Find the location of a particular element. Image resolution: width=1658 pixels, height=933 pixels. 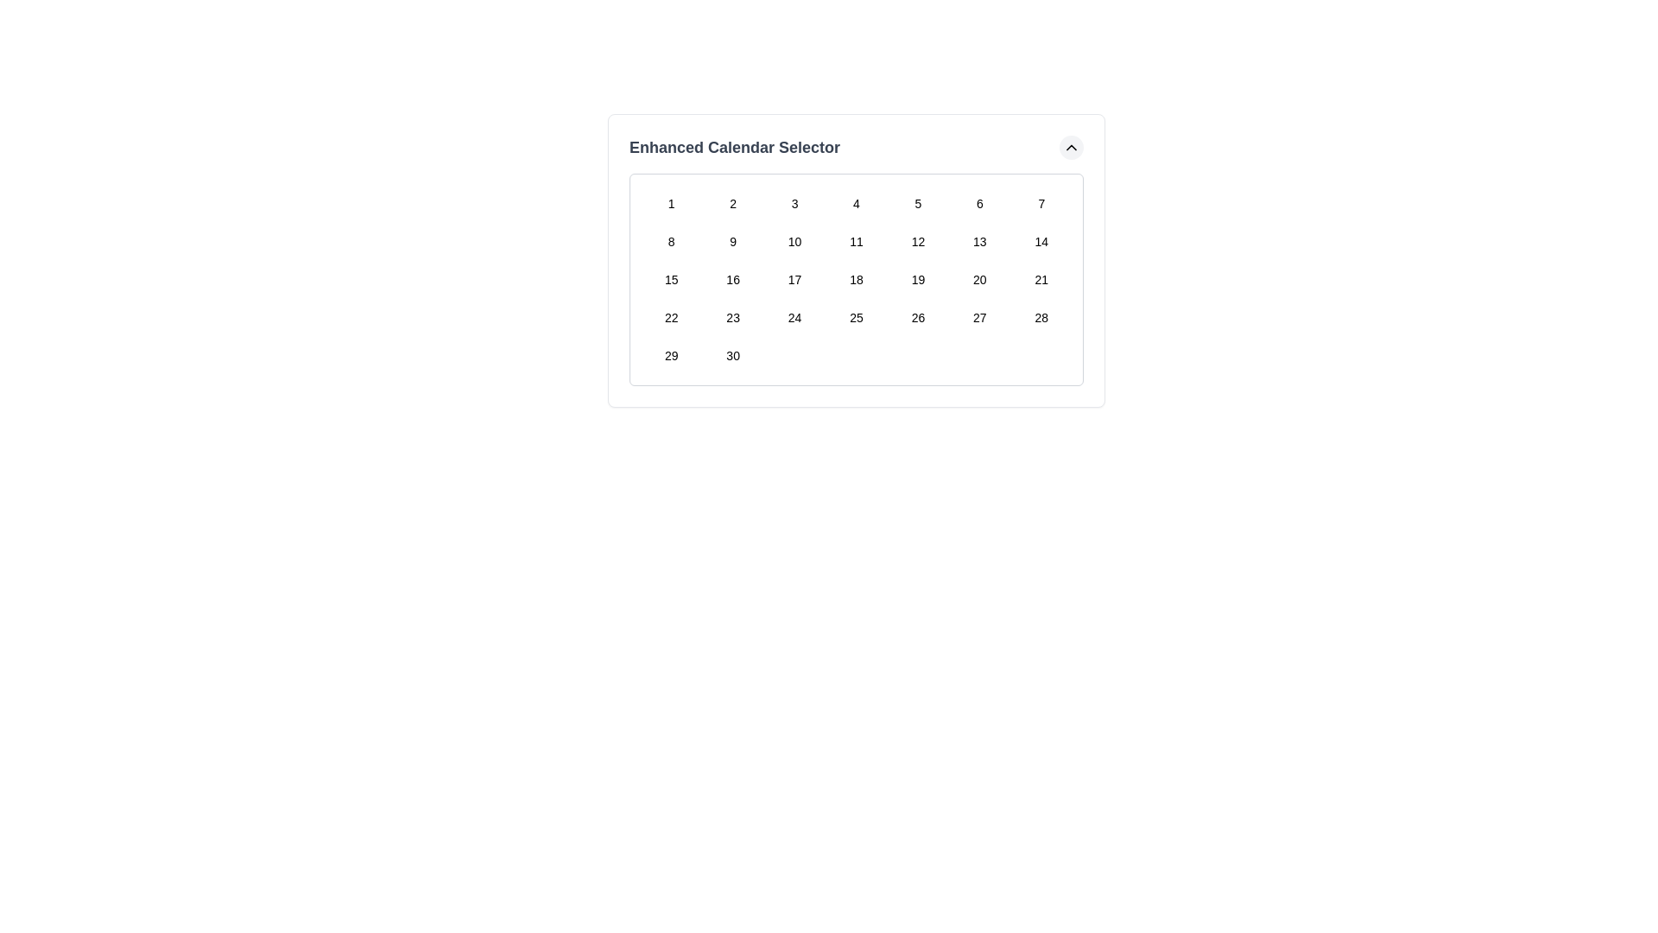

the selectable date button representing the date '22' in the Enhanced Calendar Selector is located at coordinates (670, 317).